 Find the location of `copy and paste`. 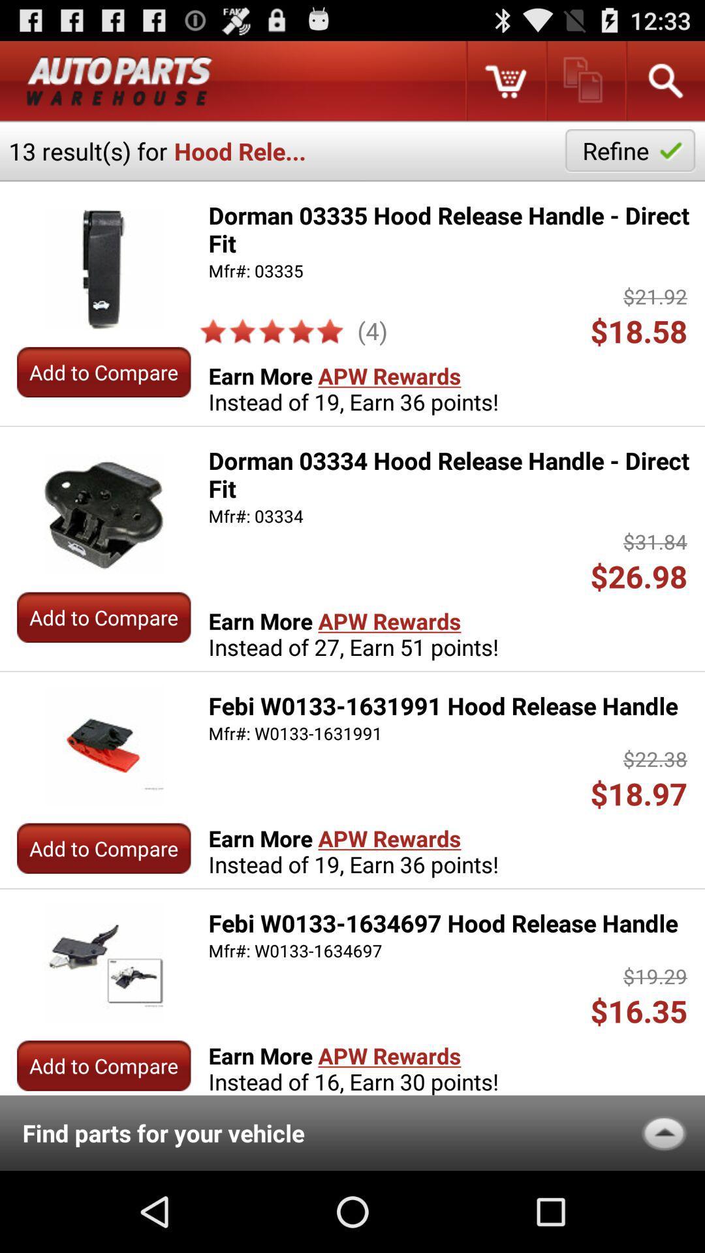

copy and paste is located at coordinates (584, 80).